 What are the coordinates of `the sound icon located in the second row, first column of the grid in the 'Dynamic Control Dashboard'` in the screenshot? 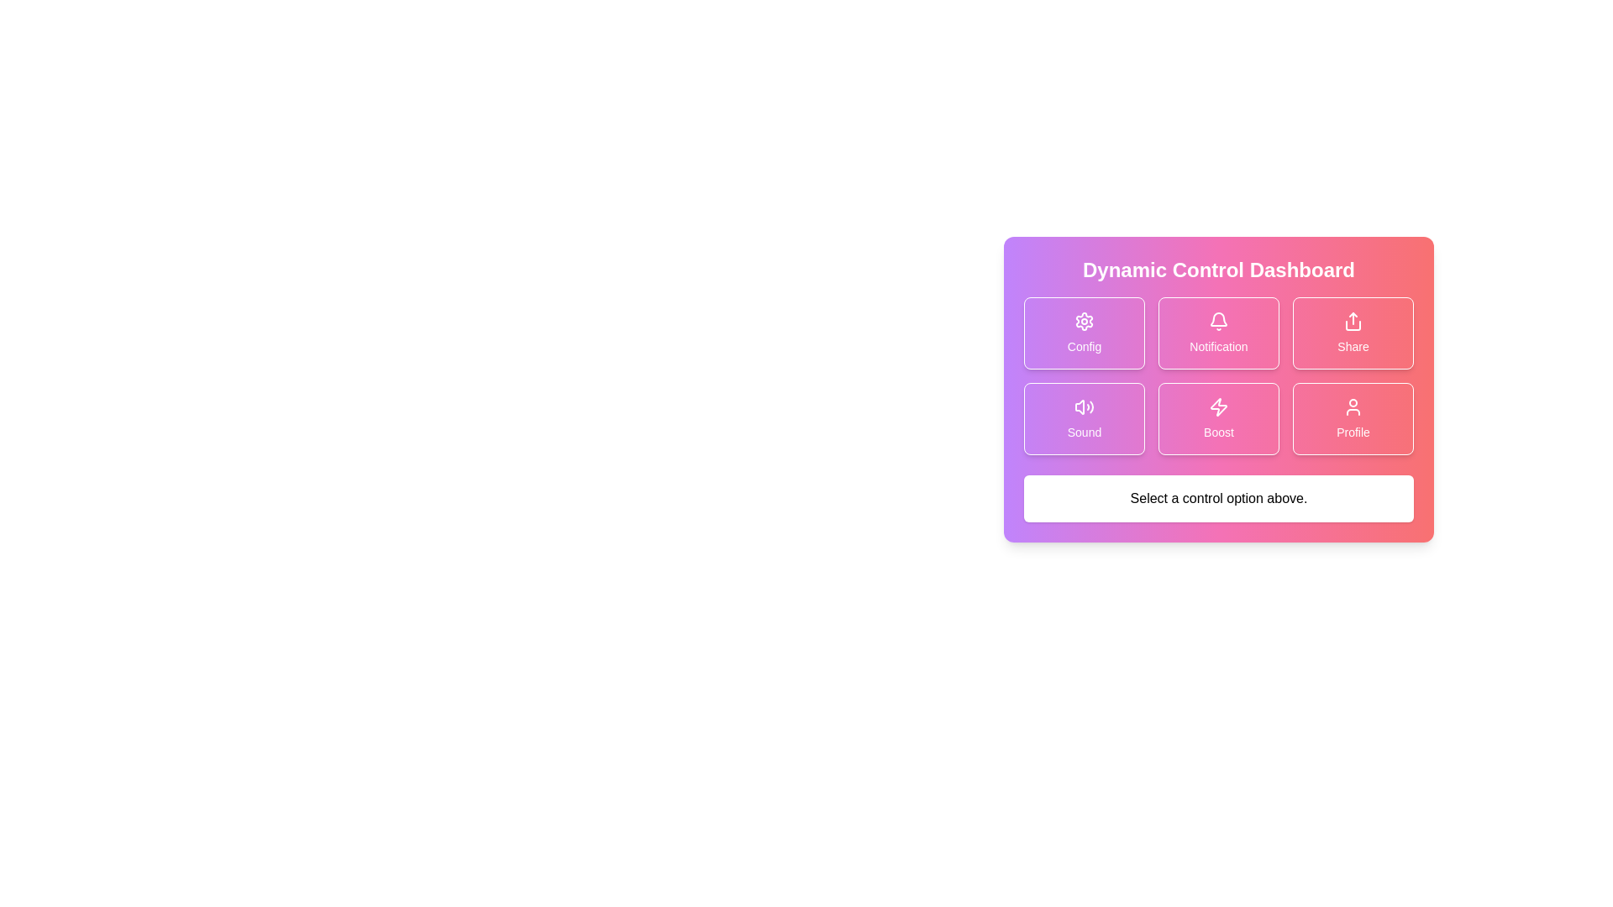 It's located at (1085, 407).